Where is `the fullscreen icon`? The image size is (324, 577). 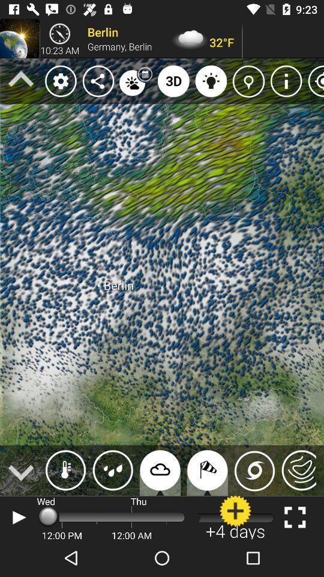 the fullscreen icon is located at coordinates (294, 516).